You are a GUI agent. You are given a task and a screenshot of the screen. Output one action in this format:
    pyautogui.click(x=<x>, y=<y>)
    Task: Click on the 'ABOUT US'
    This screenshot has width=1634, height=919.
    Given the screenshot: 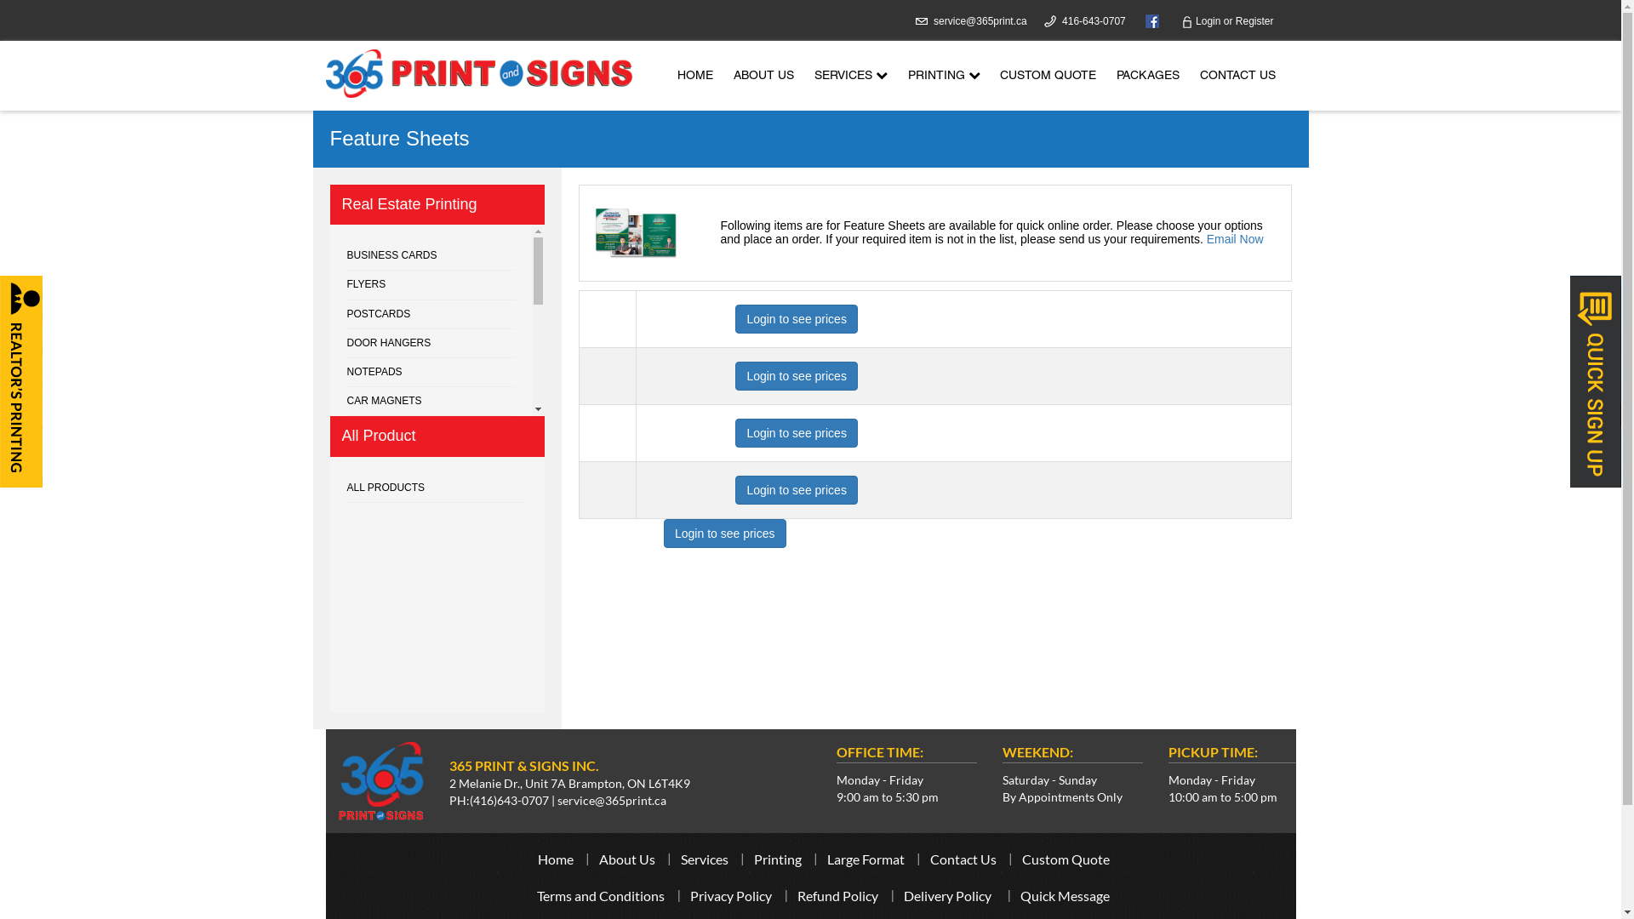 What is the action you would take?
    pyautogui.click(x=763, y=75)
    